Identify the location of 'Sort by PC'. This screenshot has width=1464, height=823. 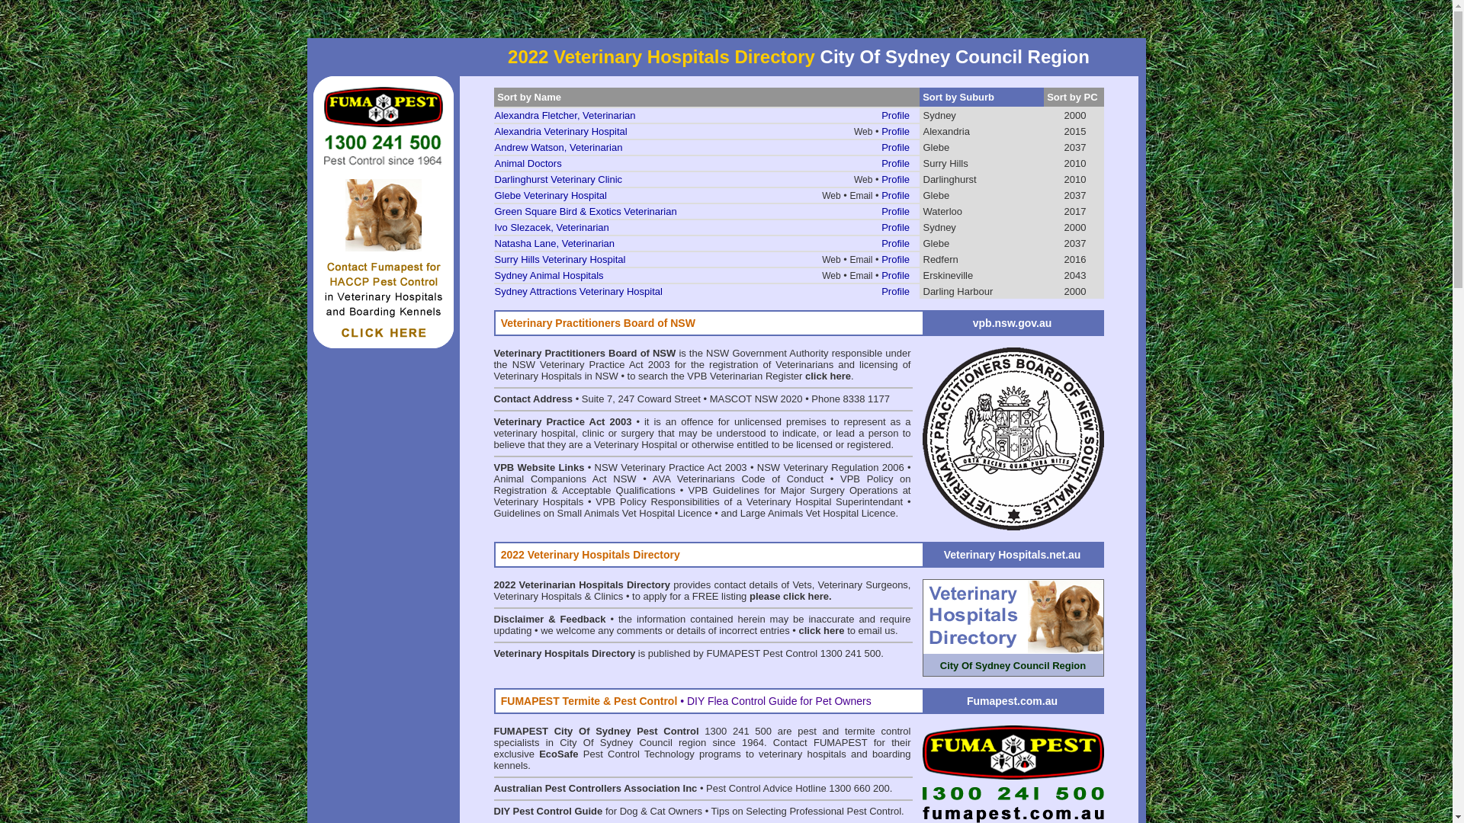
(1071, 97).